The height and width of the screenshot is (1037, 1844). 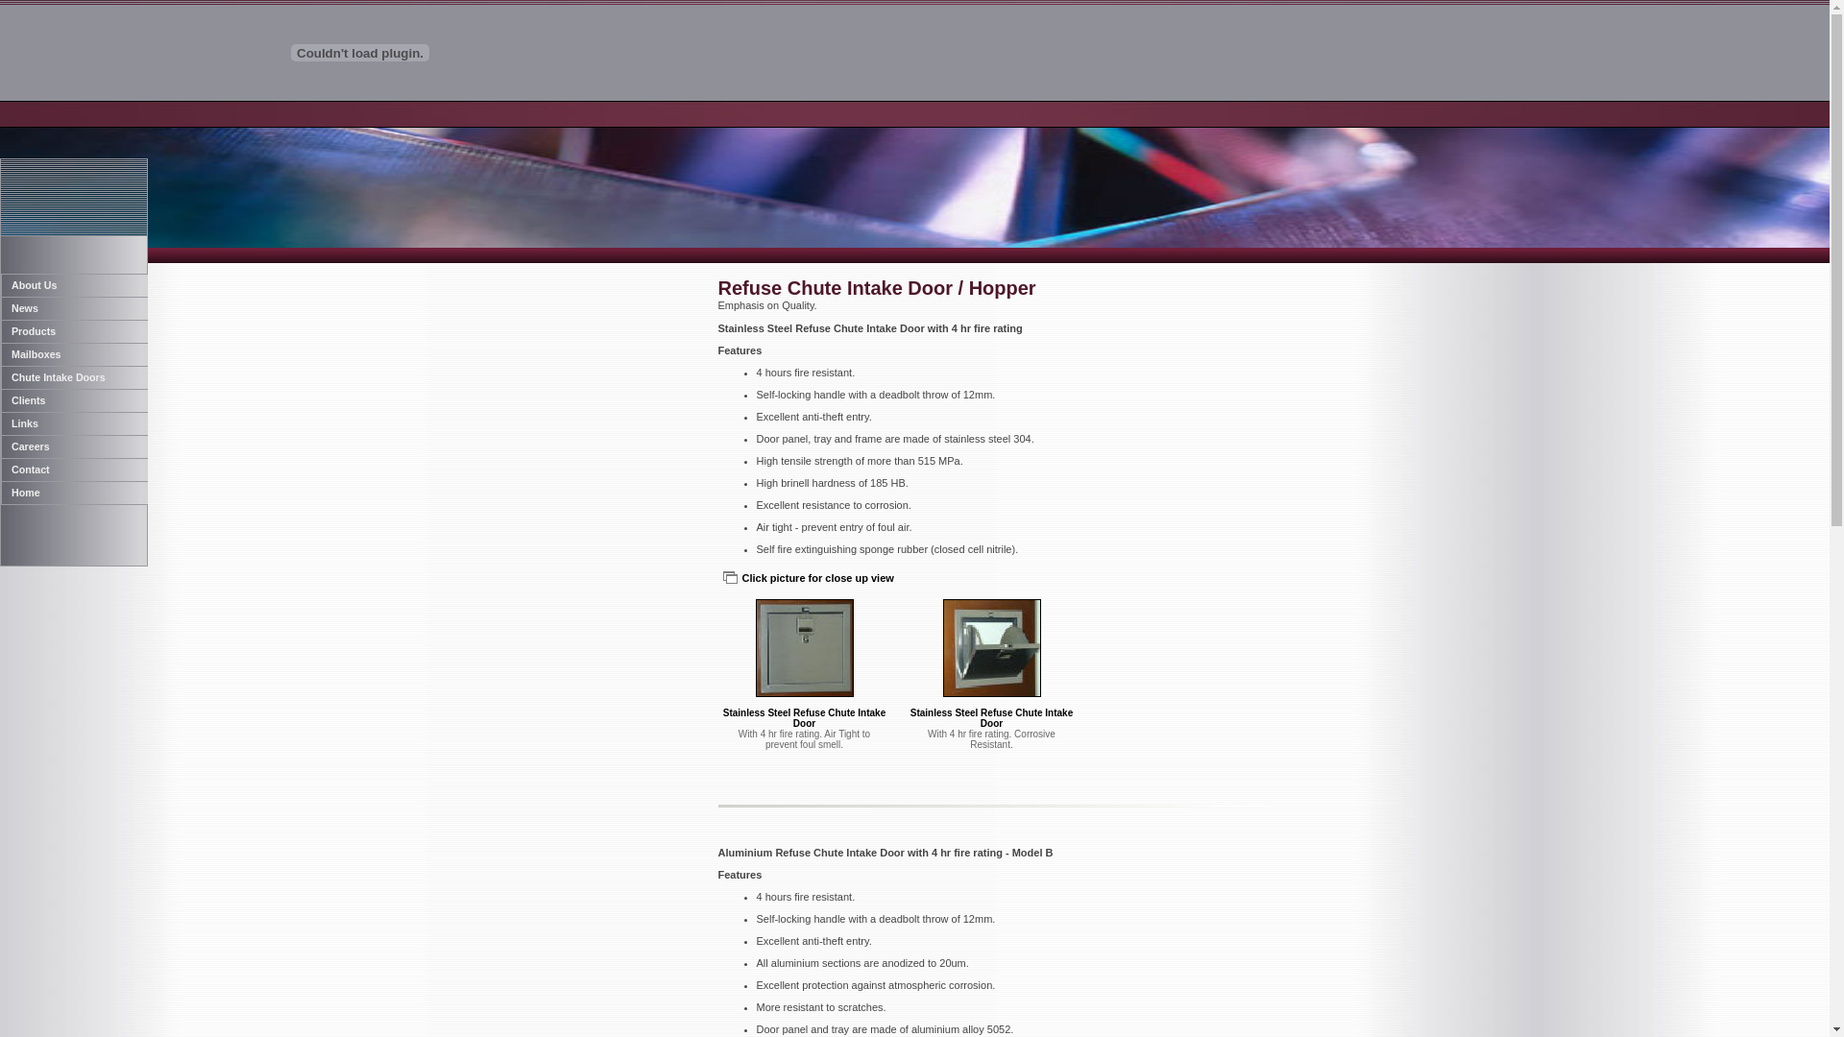 What do you see at coordinates (73, 398) in the screenshot?
I see `'Clients'` at bounding box center [73, 398].